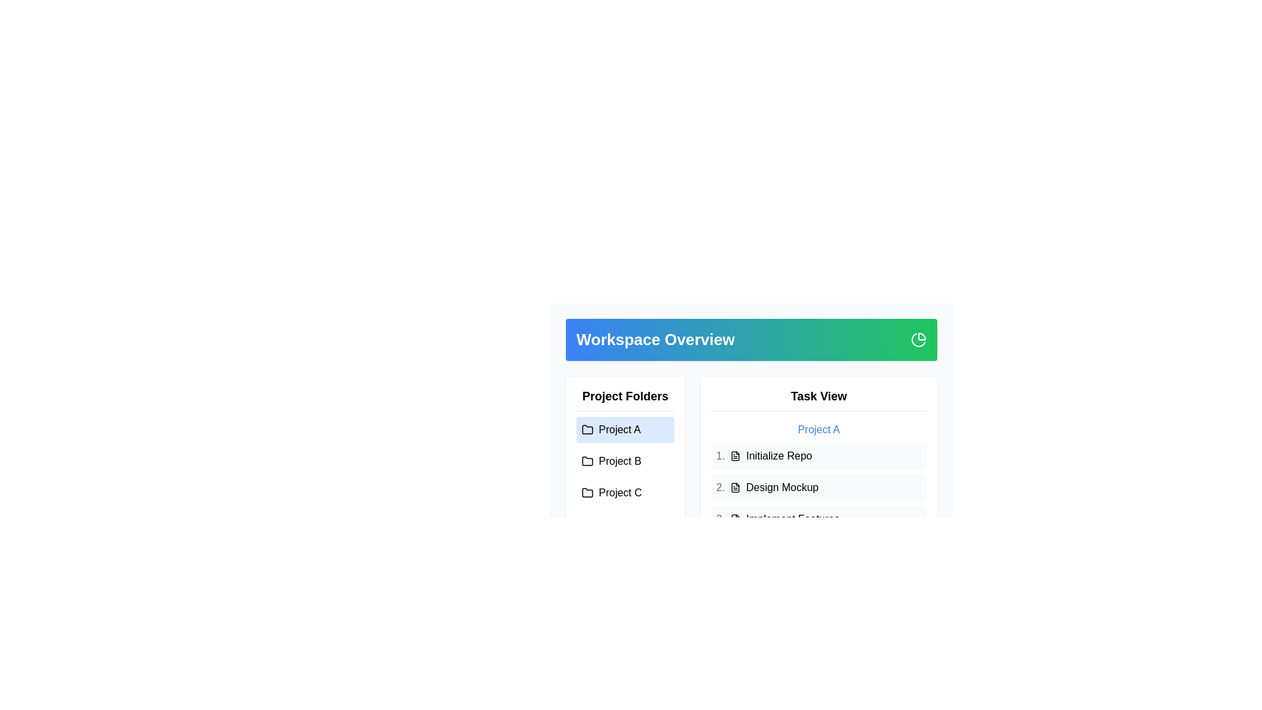 Image resolution: width=1262 pixels, height=710 pixels. Describe the element at coordinates (921, 336) in the screenshot. I see `the topmost segment of the pie chart icon located in the top-right section of the green header bar` at that location.